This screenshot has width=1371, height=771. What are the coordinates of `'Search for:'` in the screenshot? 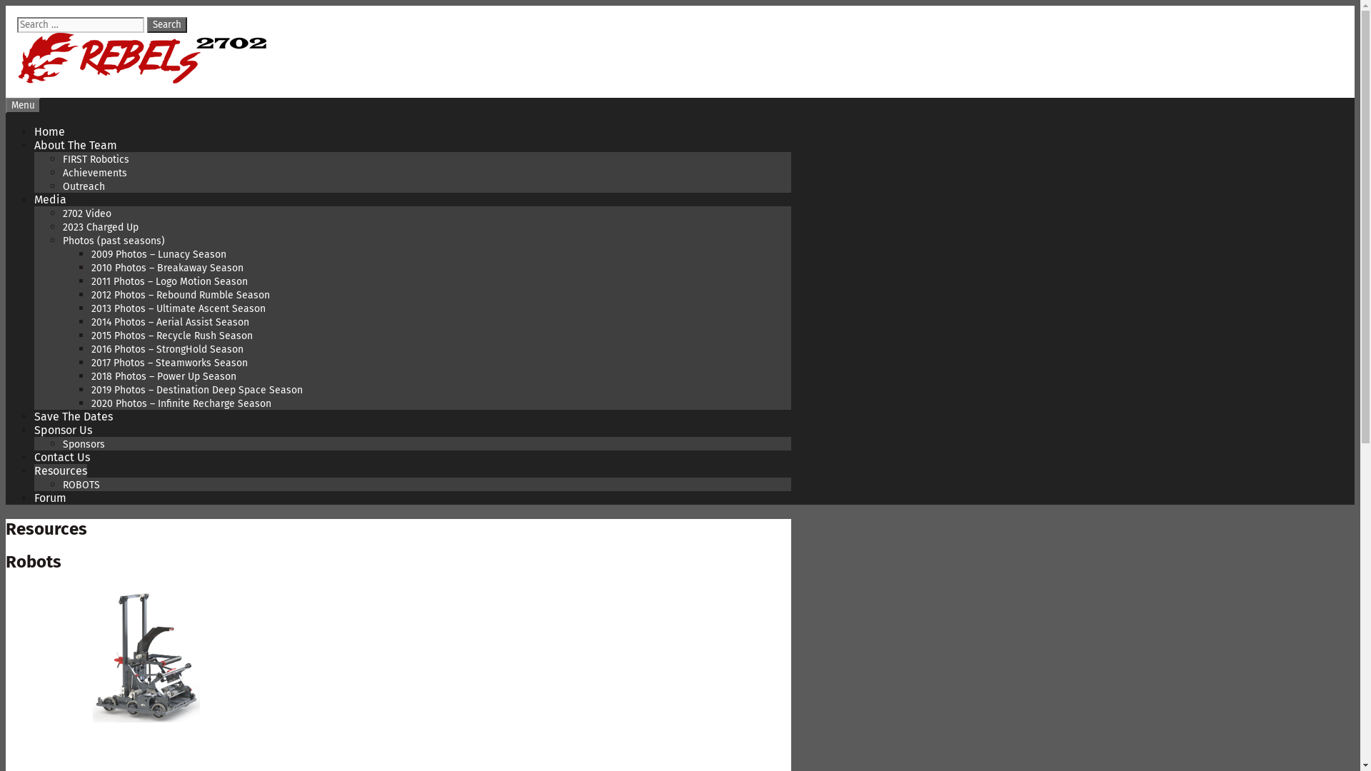 It's located at (17, 24).